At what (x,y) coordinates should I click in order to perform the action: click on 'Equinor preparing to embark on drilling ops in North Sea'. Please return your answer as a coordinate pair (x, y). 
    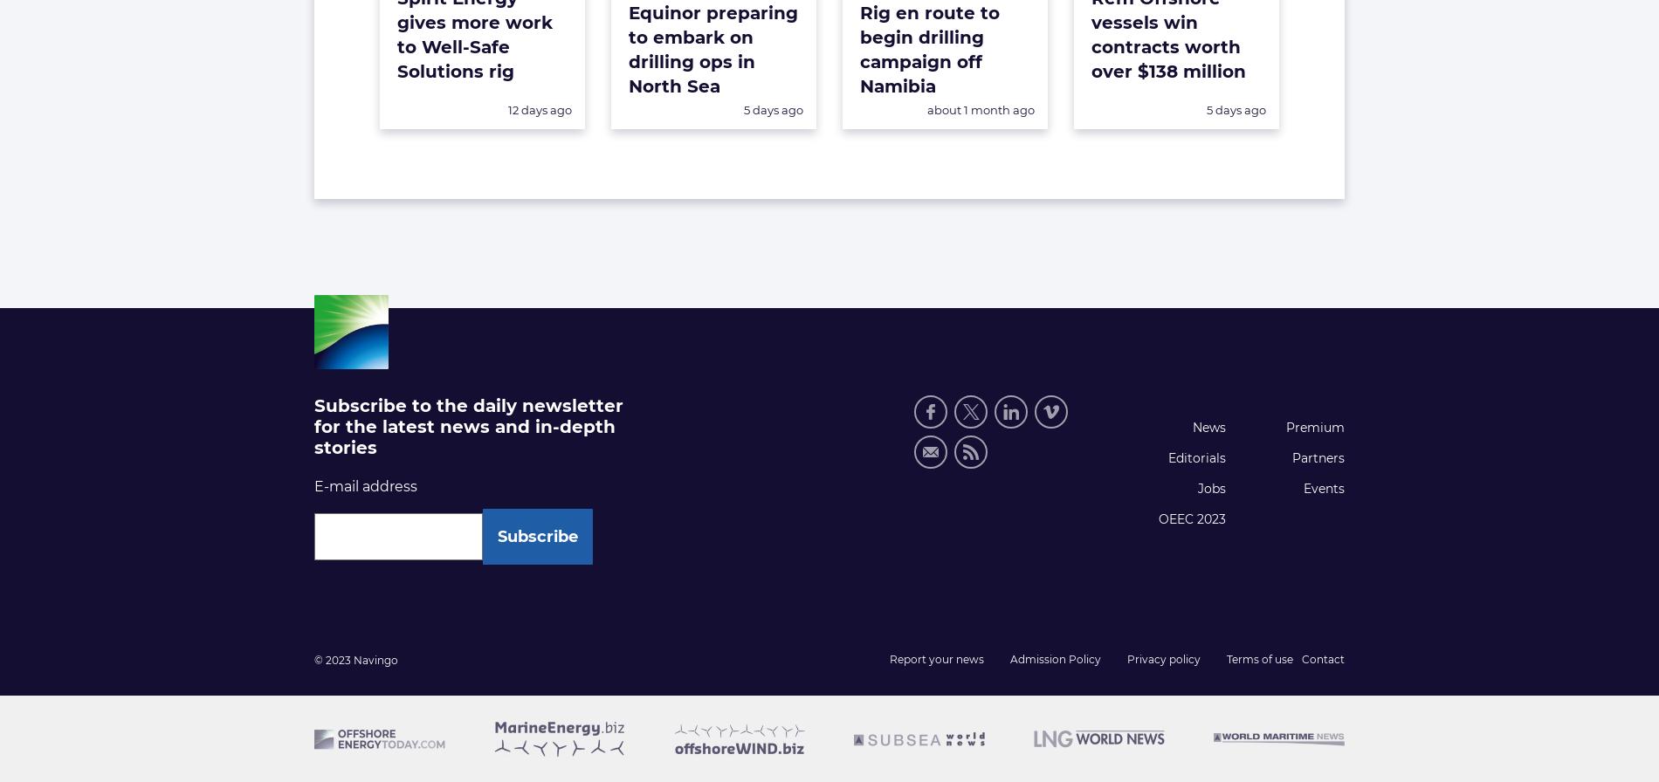
    Looking at the image, I should click on (712, 49).